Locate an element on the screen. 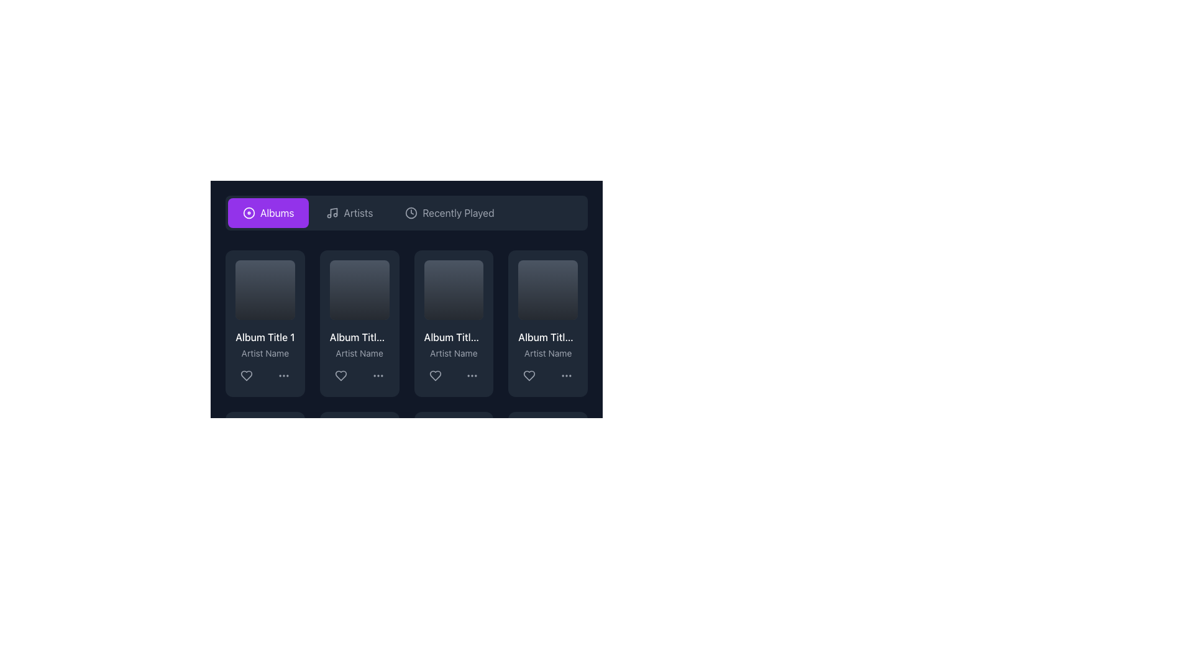 This screenshot has width=1193, height=671. the 'Artists' tab icon located in the upper-central region of the navigation bar is located at coordinates (332, 212).